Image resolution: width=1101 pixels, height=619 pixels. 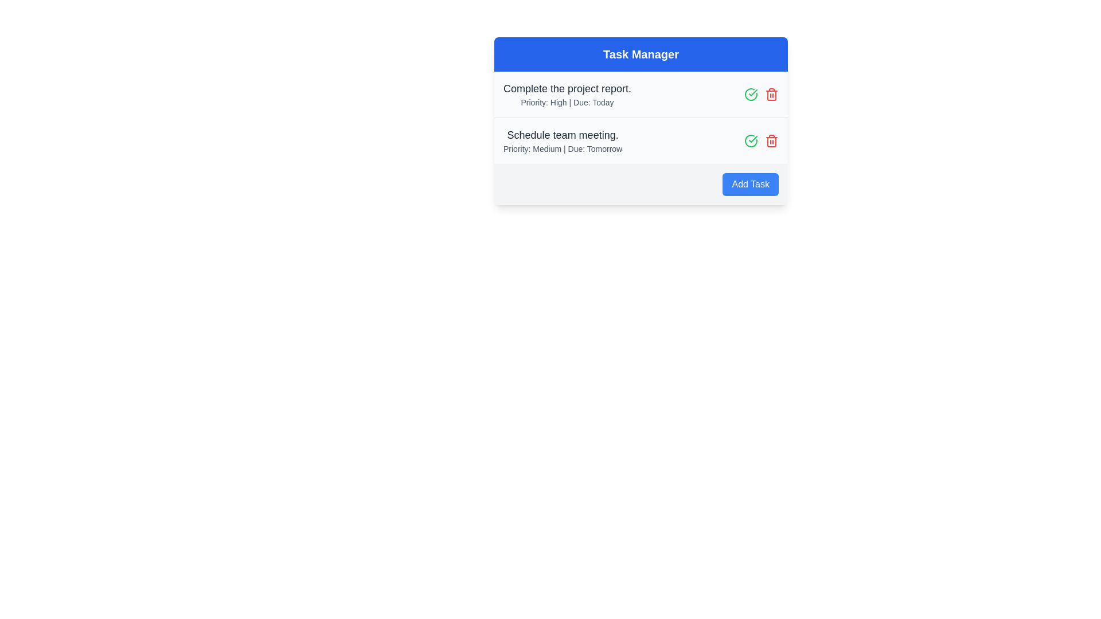 I want to click on the rectangular blue button labeled 'Add Task' located in the lower-right corner of the light gray panel, so click(x=751, y=183).